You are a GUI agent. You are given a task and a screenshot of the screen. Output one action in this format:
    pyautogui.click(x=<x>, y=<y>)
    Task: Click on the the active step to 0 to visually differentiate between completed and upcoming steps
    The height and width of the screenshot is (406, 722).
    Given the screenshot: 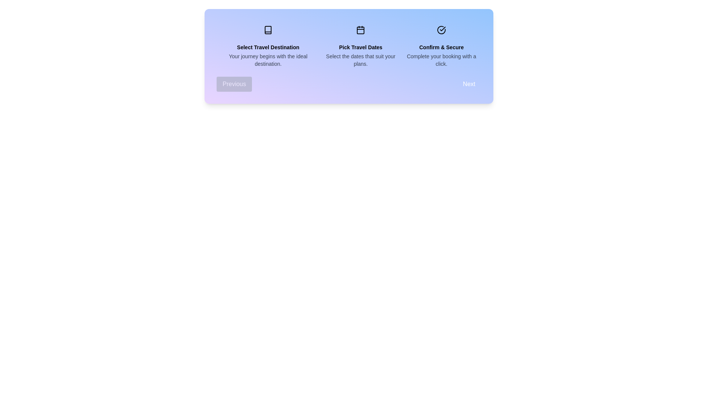 What is the action you would take?
    pyautogui.click(x=268, y=30)
    